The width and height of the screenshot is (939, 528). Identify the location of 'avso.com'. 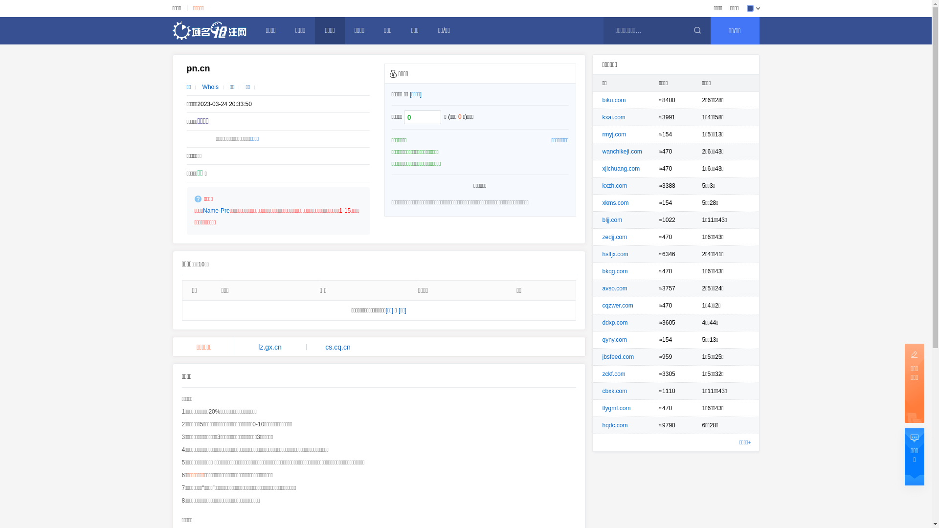
(614, 288).